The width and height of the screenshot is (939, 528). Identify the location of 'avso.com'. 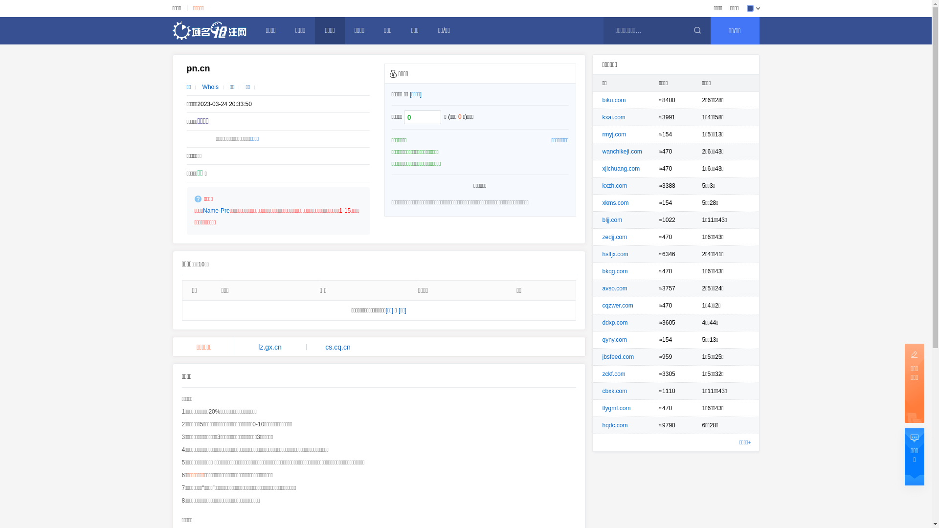
(614, 288).